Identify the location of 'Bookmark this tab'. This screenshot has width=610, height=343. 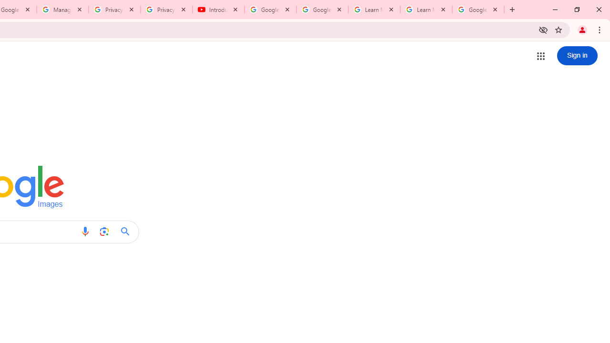
(558, 29).